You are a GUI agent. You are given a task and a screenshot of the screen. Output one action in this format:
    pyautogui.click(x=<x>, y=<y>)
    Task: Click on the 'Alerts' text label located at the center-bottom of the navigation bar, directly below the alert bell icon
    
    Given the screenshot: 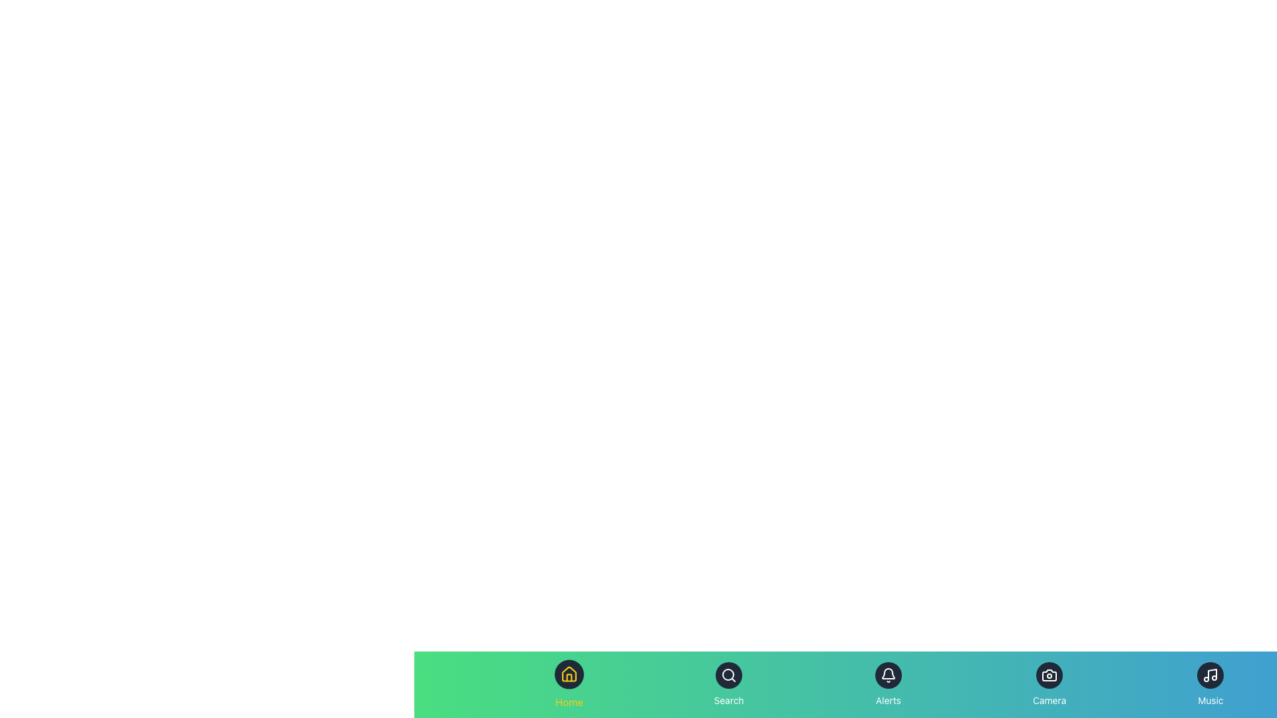 What is the action you would take?
    pyautogui.click(x=888, y=699)
    